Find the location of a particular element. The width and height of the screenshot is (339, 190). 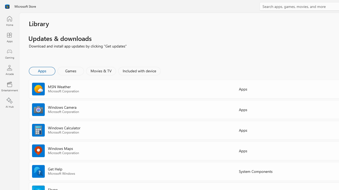

'Class: Image' is located at coordinates (7, 6).